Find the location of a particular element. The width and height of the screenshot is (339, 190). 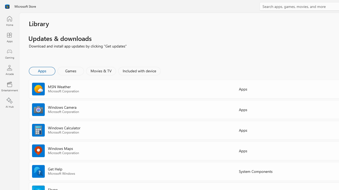

'Class: Image' is located at coordinates (7, 6).